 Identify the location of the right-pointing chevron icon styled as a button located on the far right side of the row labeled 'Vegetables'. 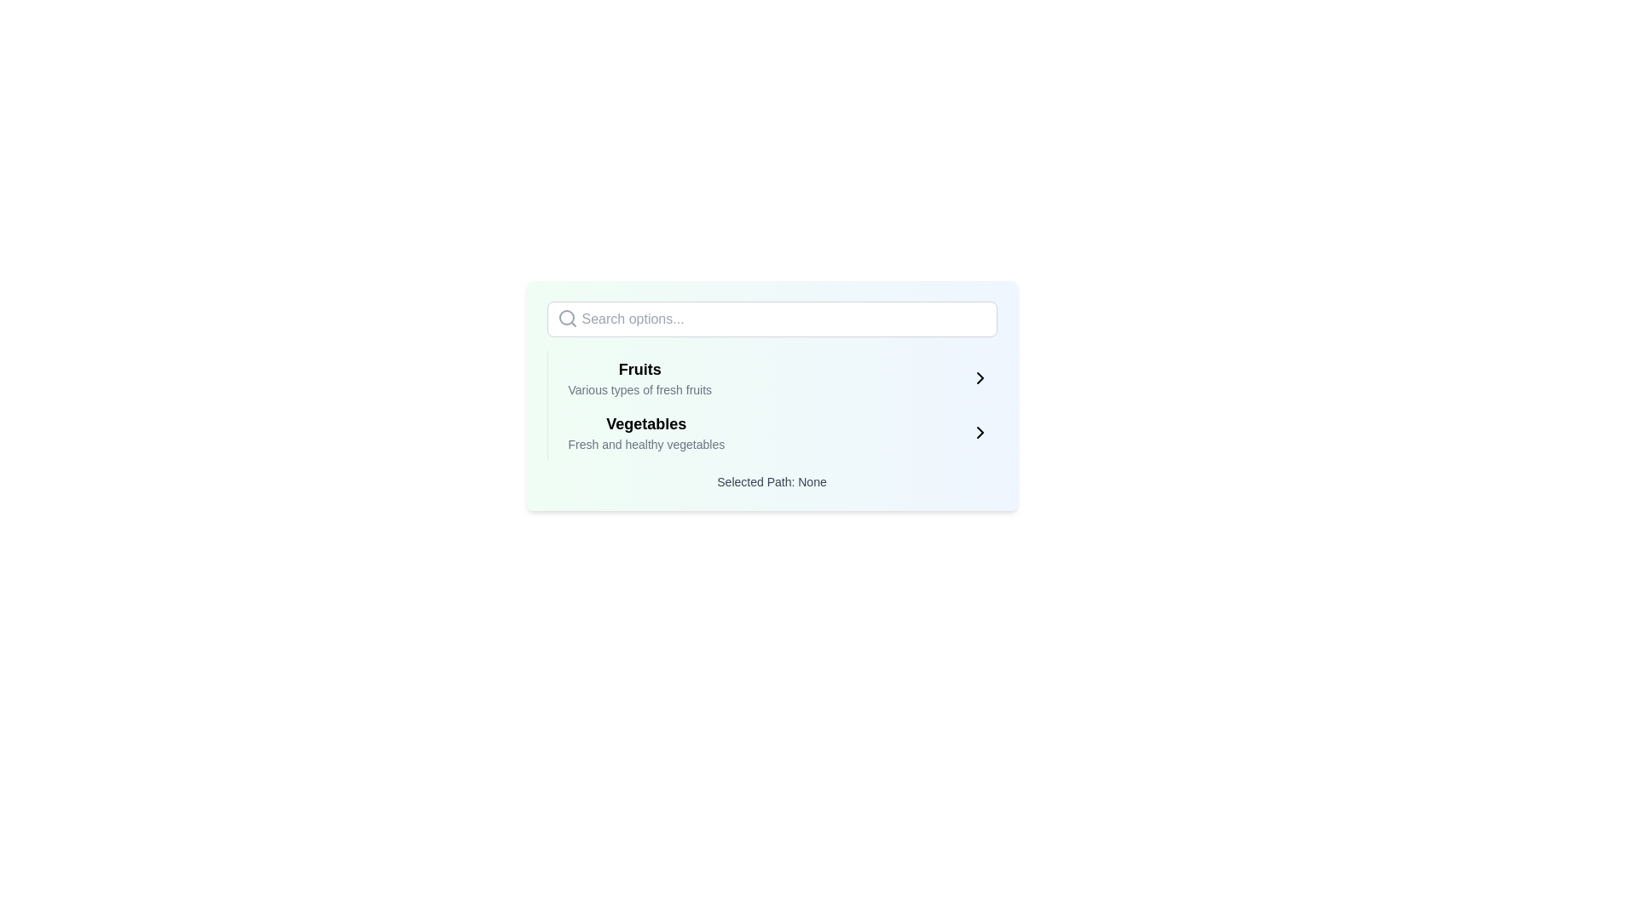
(980, 432).